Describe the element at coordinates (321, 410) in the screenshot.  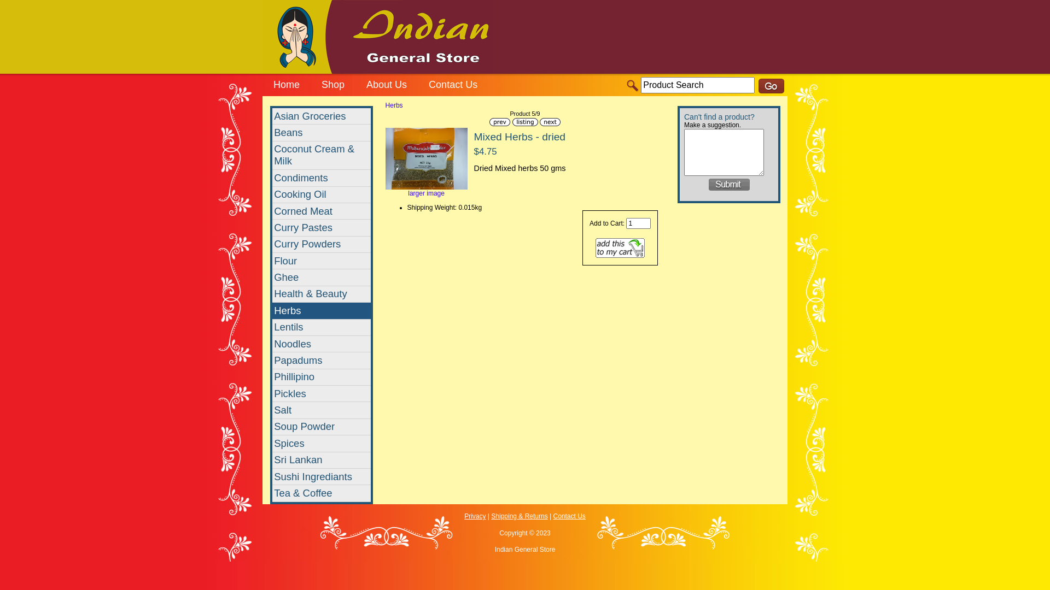
I see `'Salt'` at that location.